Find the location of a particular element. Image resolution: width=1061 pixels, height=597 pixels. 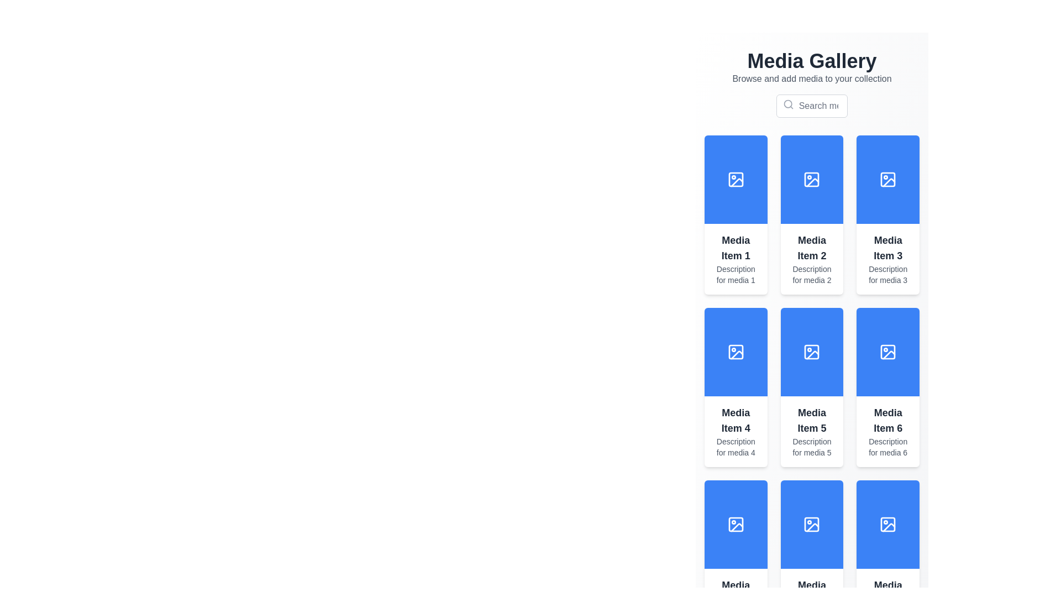

the media icon located at the center of the blue card is located at coordinates (812, 523).